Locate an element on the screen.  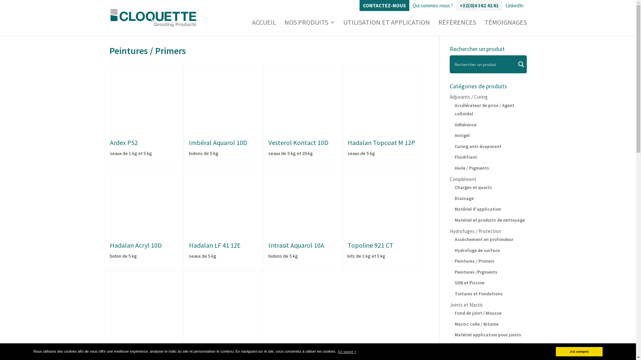
'Antigel' is located at coordinates (462, 135).